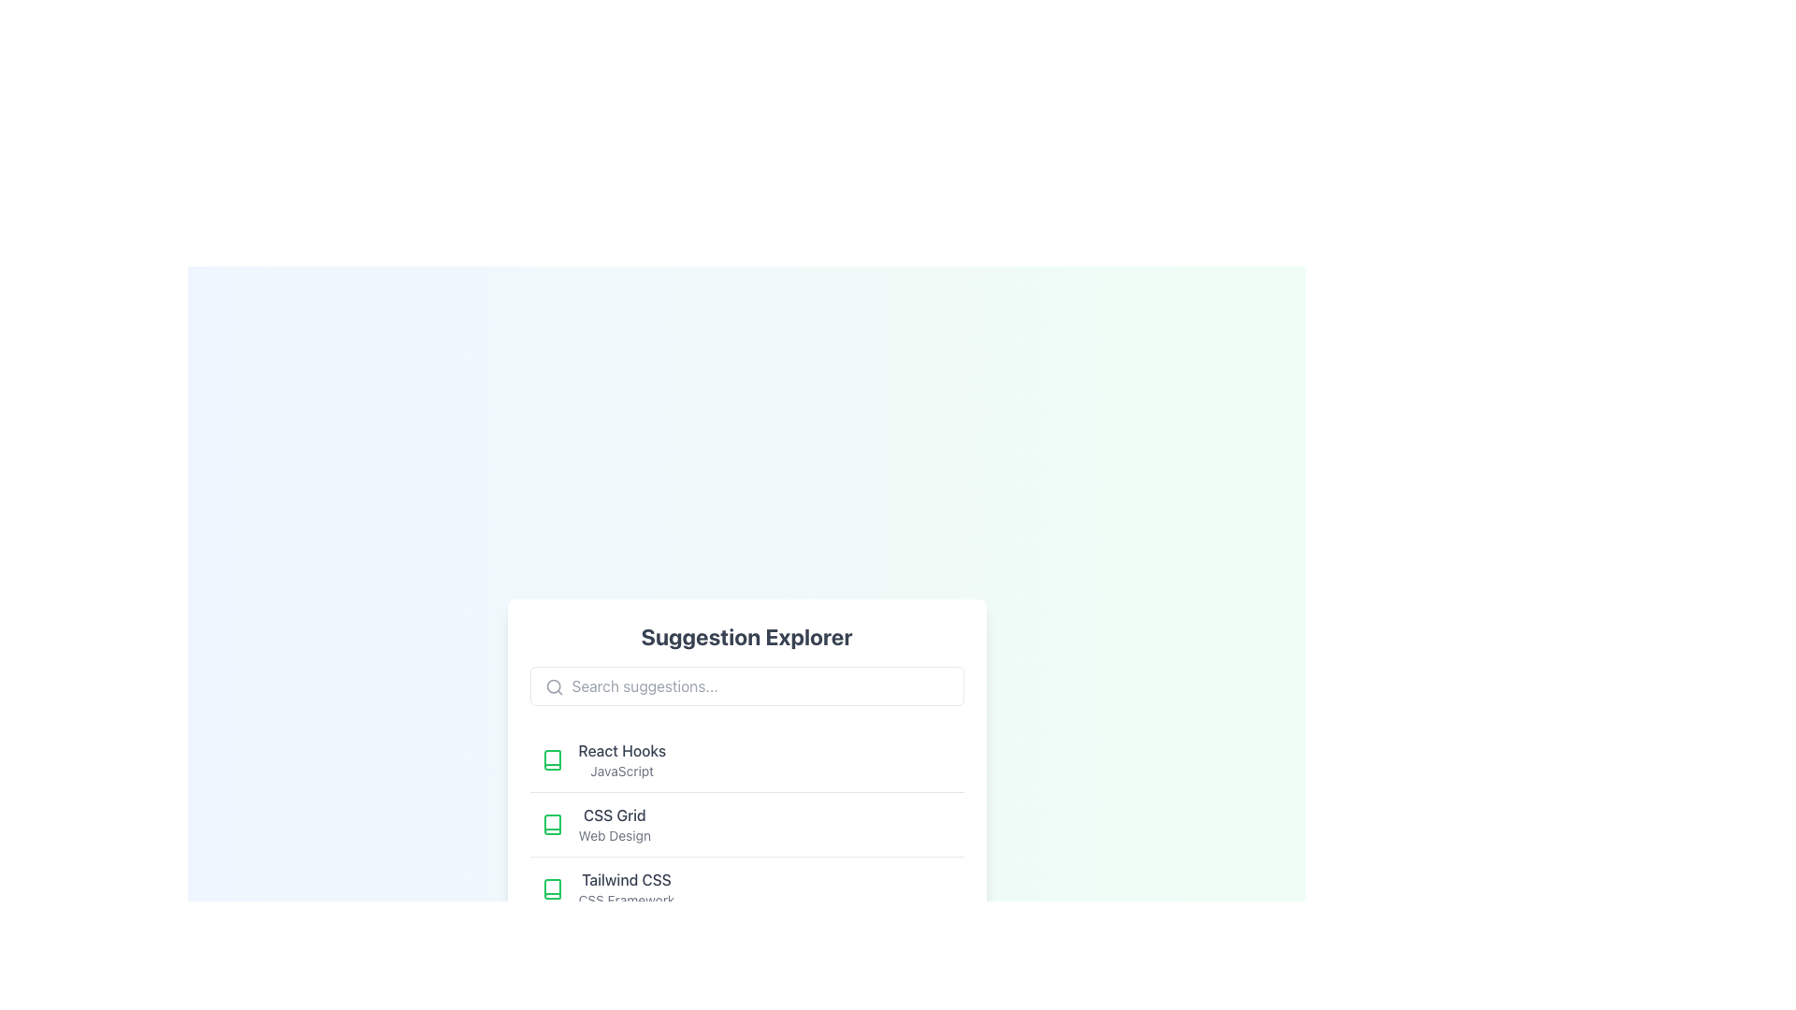 The image size is (1796, 1010). What do you see at coordinates (622, 772) in the screenshot?
I see `text label displaying 'JavaScript' in gray font, located beneath 'React Hooks' in the Suggestion Explorer interface` at bounding box center [622, 772].